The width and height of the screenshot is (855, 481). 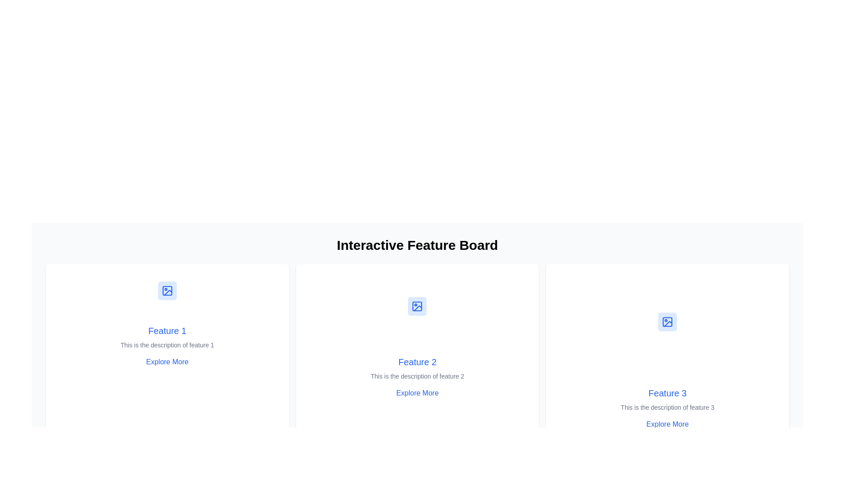 What do you see at coordinates (417, 306) in the screenshot?
I see `the Decorative icon located in the middle-area of the card labeled 'Feature 2', which is the second card from the left in a horizontally laid-out set of cards` at bounding box center [417, 306].